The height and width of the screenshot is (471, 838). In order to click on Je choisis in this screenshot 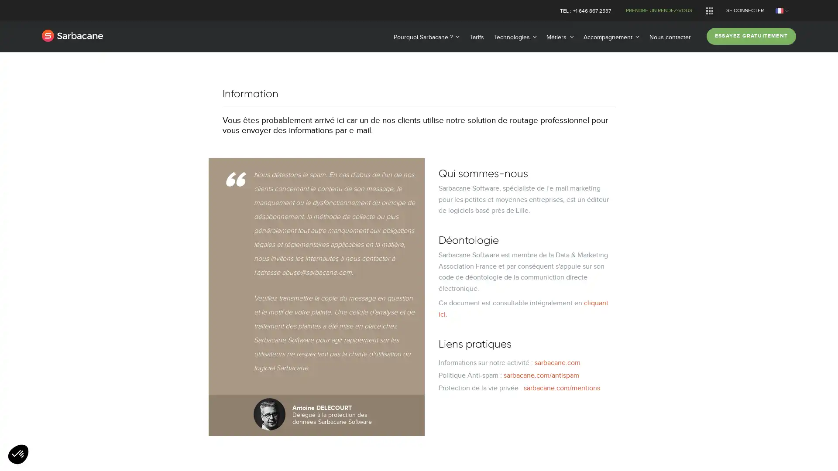, I will do `click(419, 295)`.